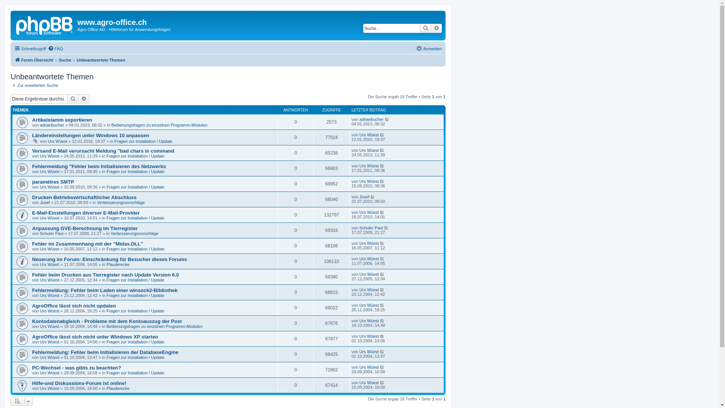 The height and width of the screenshot is (408, 725). Describe the element at coordinates (382, 165) in the screenshot. I see `'Gehe zum letzten Beitrag'` at that location.